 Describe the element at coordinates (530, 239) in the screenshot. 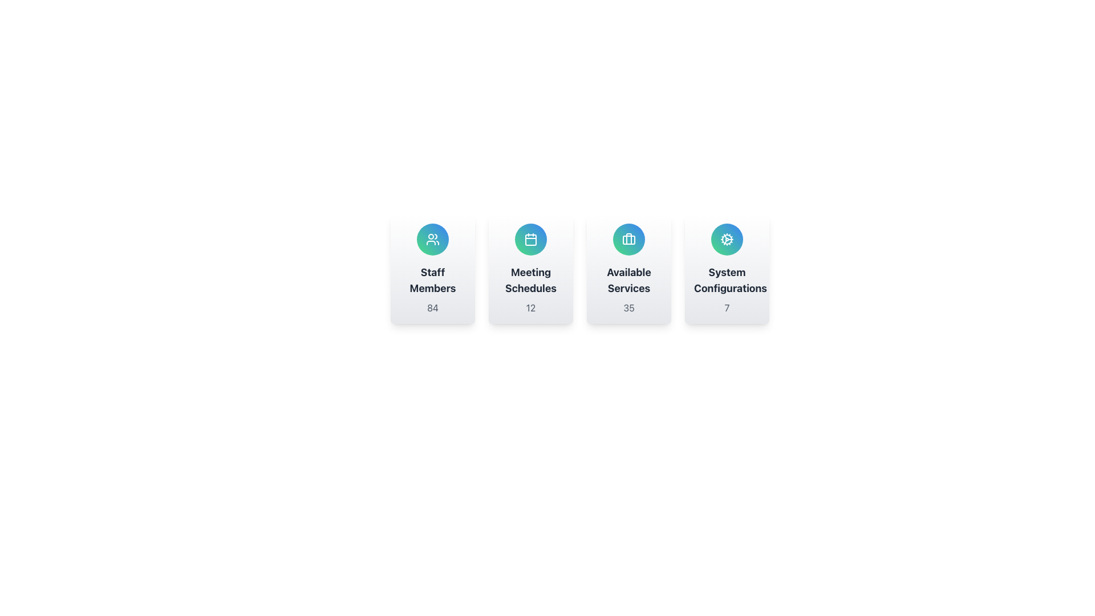

I see `the calendar icon with a gradient blue-green background, which is the second icon from the left in a row of four icons` at that location.